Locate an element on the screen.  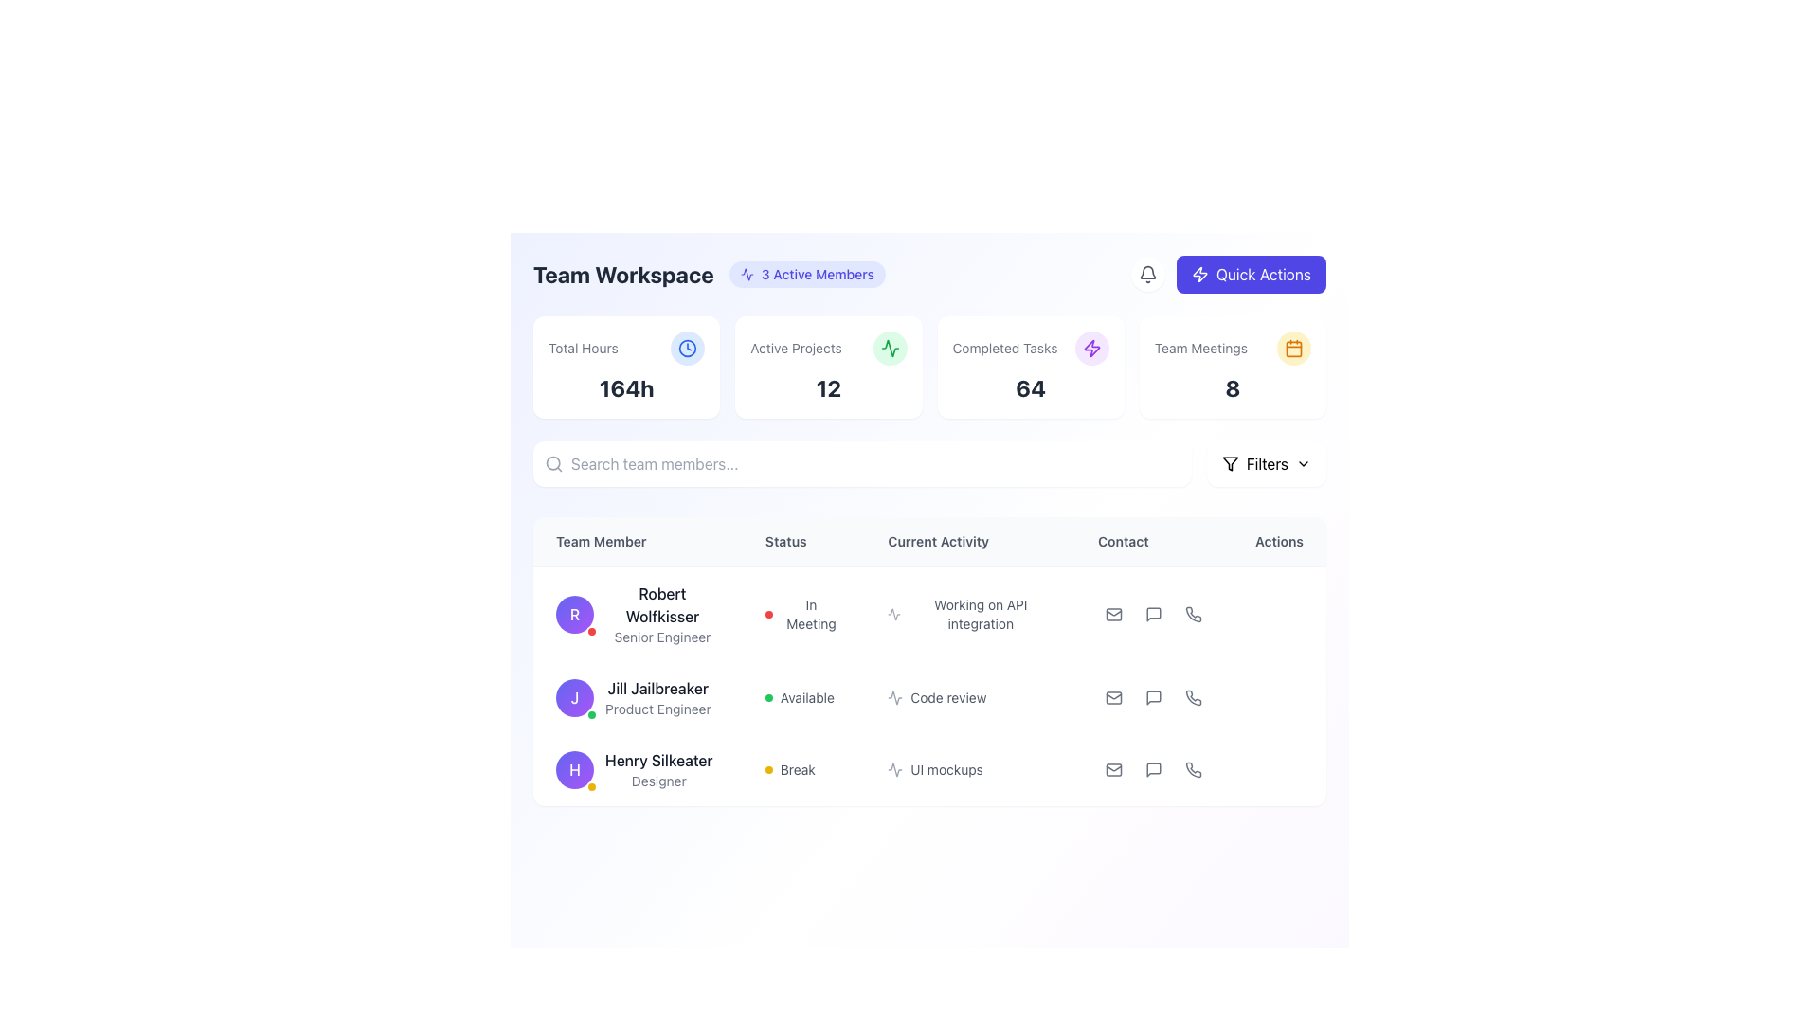
the interactive button located in the 'Actions' column on the rightmost side of the first row in the team members' information table is located at coordinates (1278, 614).